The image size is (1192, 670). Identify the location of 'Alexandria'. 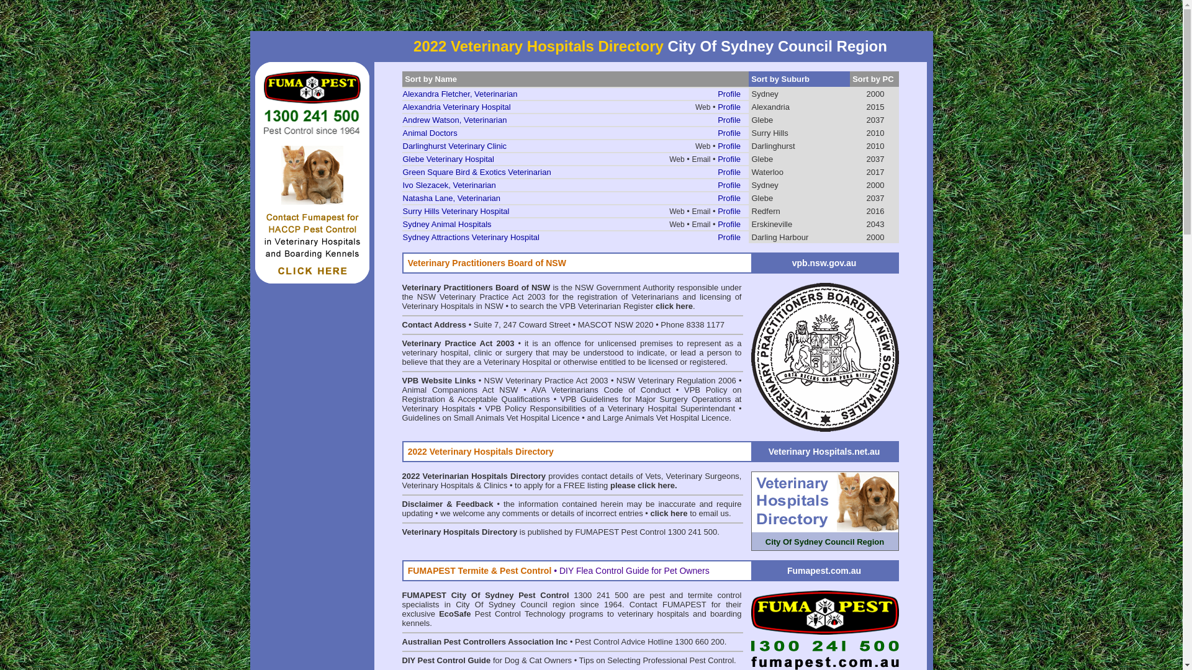
(750, 106).